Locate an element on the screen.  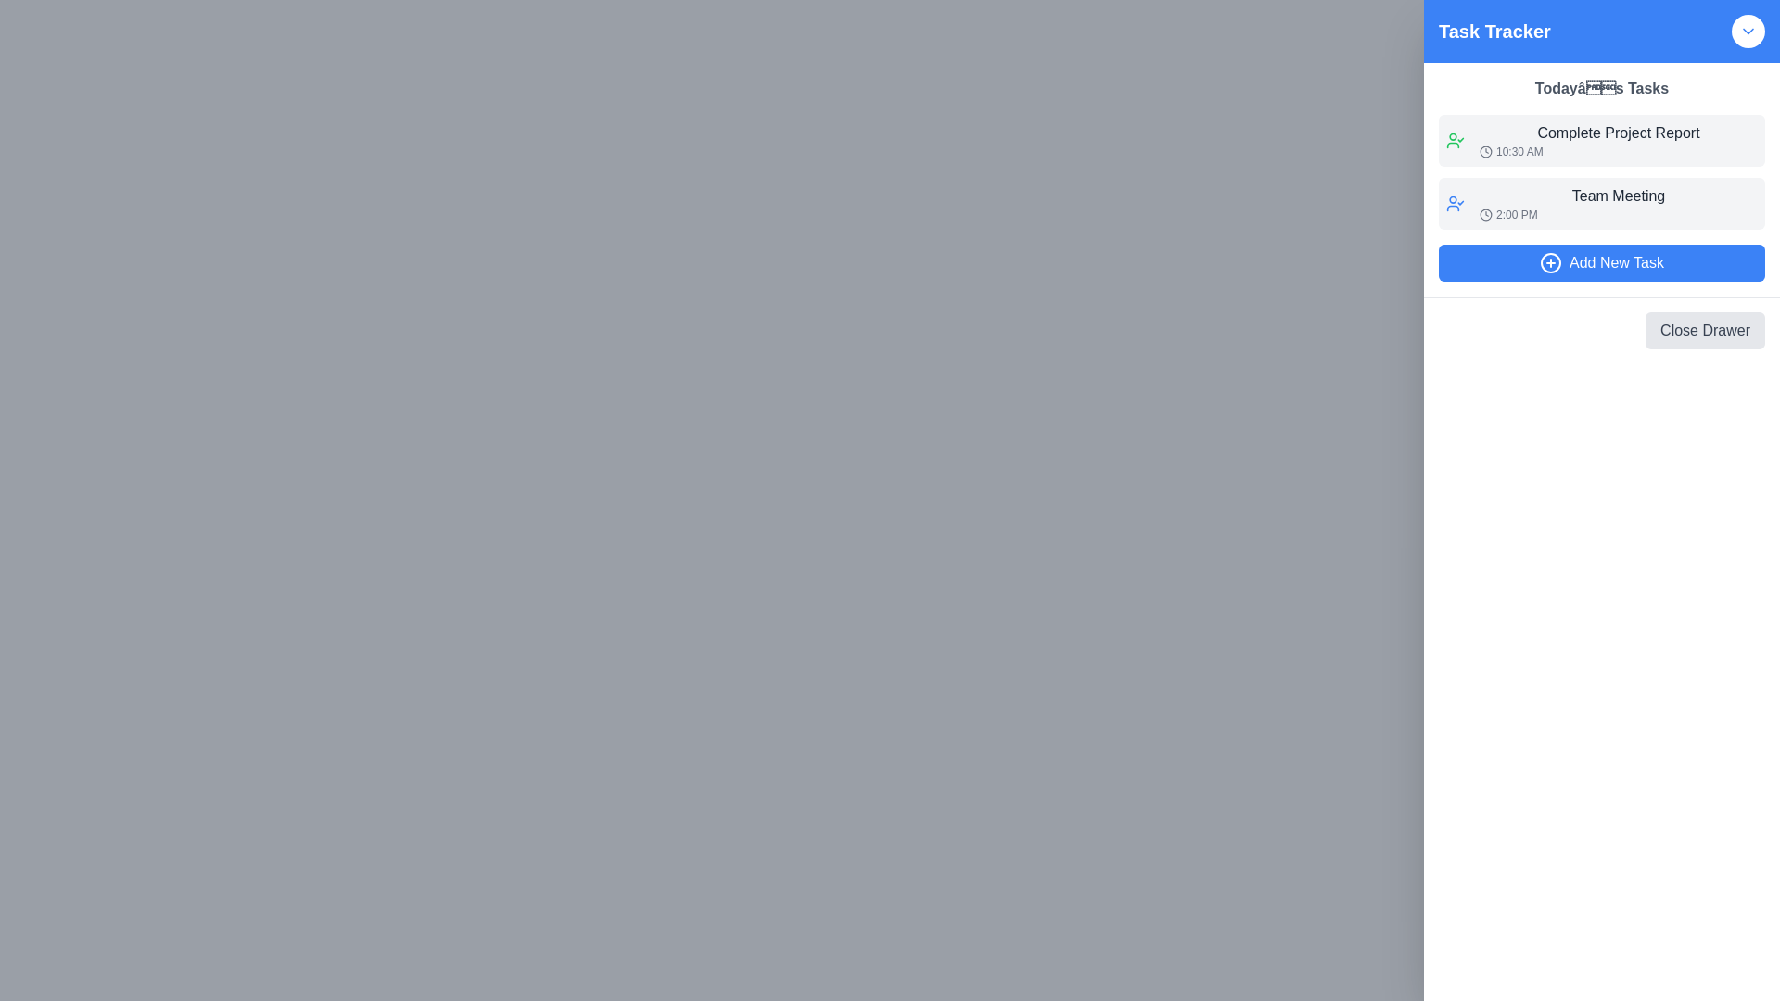
the completion icon located at the top left of the task card labeled 'Complete Project Report' with a timestamp of 10:30 AM is located at coordinates (1454, 139).